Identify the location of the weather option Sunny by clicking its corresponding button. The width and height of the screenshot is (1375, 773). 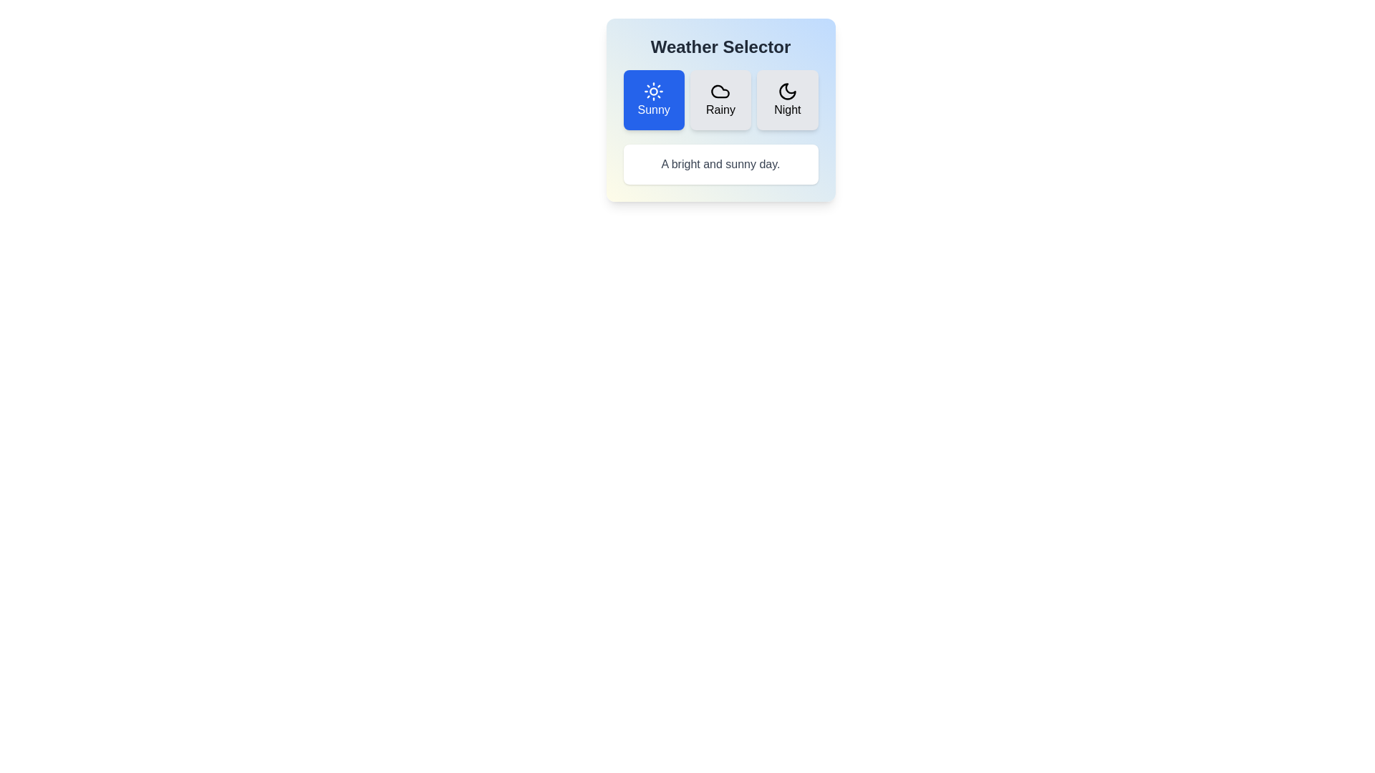
(653, 99).